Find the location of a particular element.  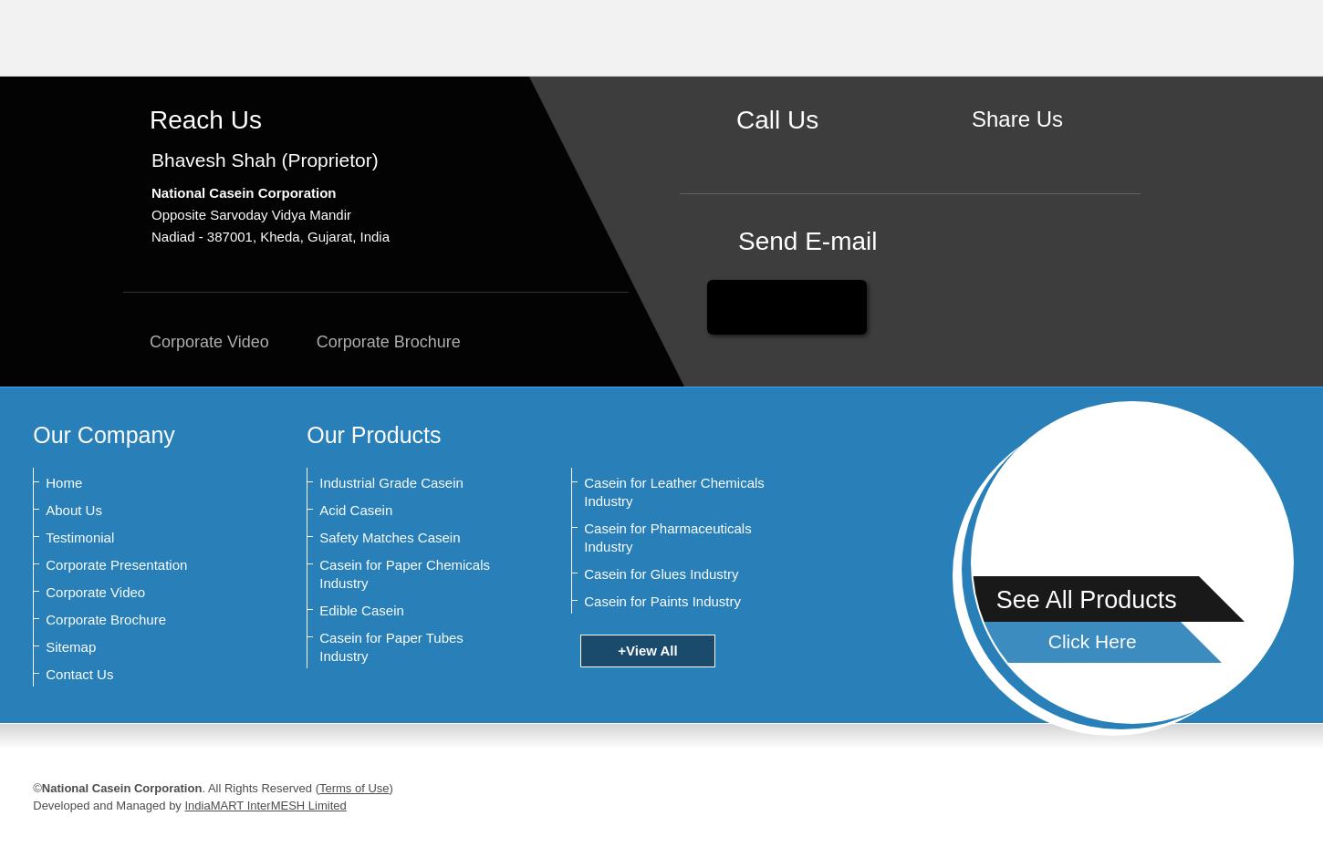

'Casein for Paints Industry' is located at coordinates (662, 601).